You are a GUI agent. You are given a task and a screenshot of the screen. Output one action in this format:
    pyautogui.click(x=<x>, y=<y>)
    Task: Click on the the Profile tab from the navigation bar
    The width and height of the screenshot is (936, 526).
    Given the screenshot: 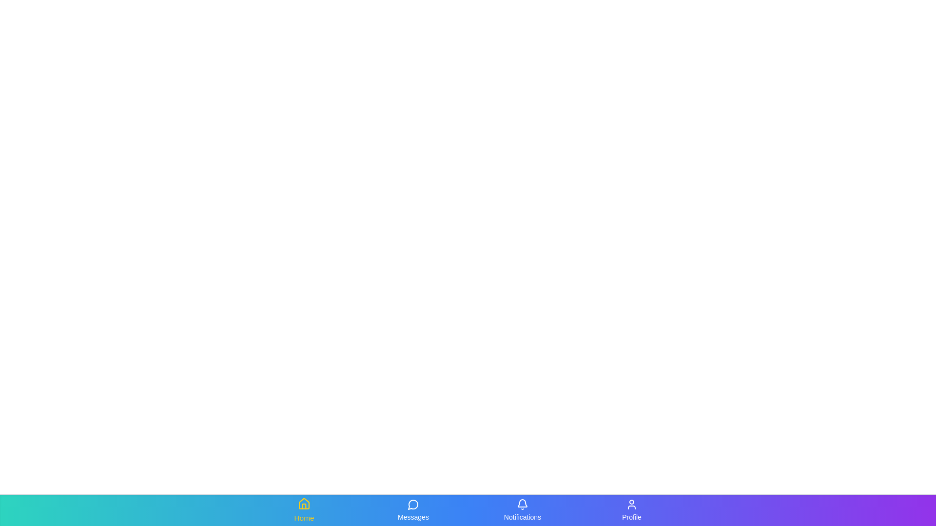 What is the action you would take?
    pyautogui.click(x=632, y=510)
    